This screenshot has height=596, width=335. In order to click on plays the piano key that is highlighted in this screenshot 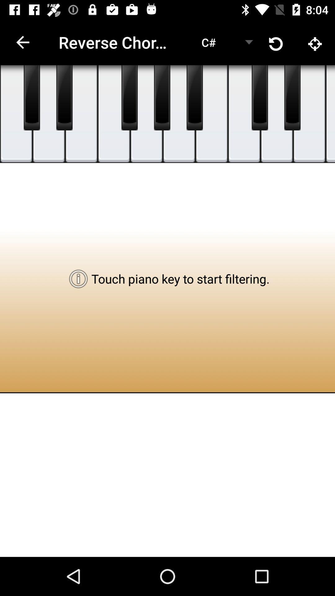, I will do `click(114, 114)`.